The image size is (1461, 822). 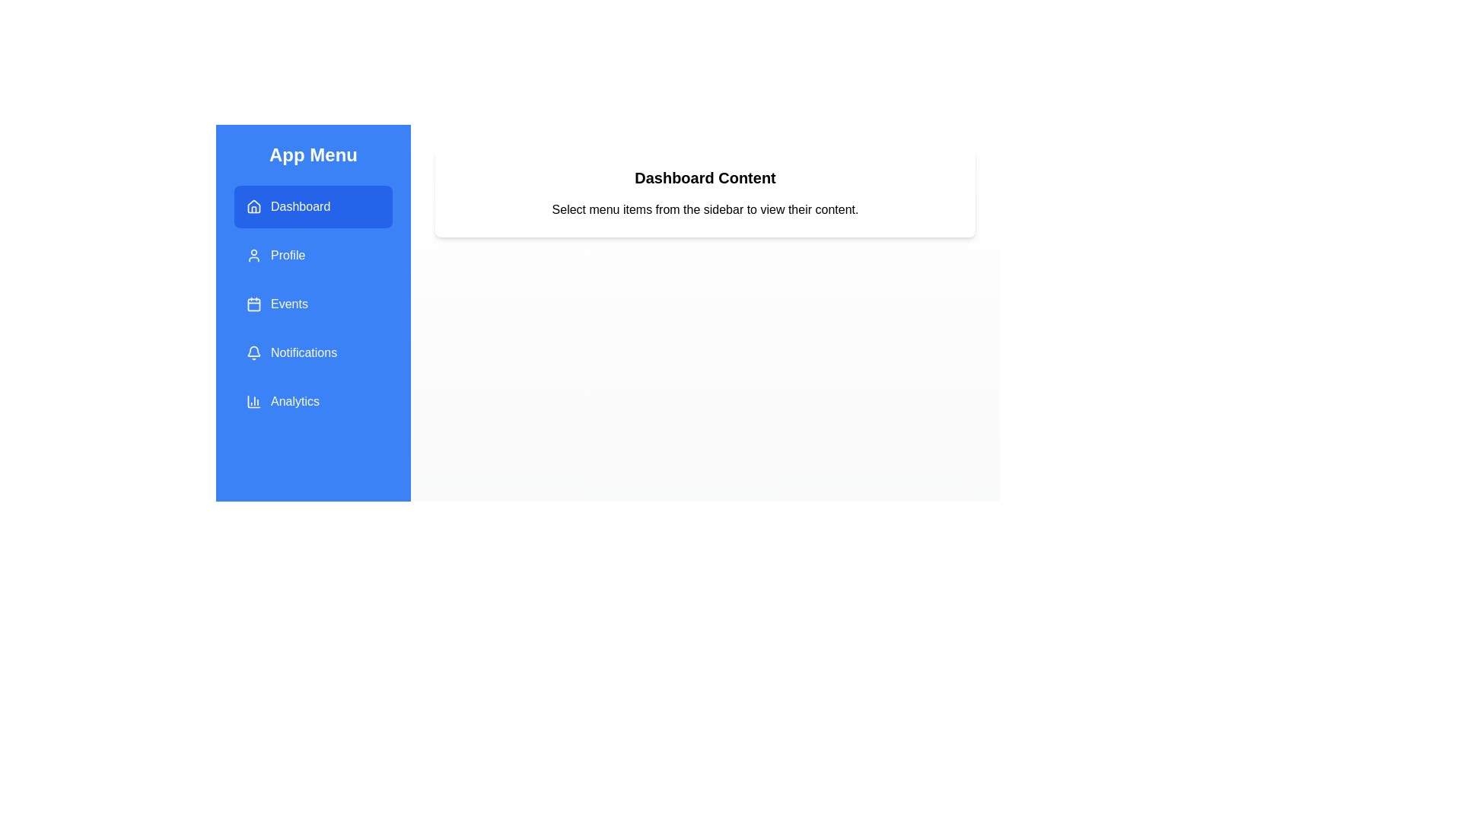 I want to click on the menu item Dashboard from the sidebar, so click(x=313, y=207).